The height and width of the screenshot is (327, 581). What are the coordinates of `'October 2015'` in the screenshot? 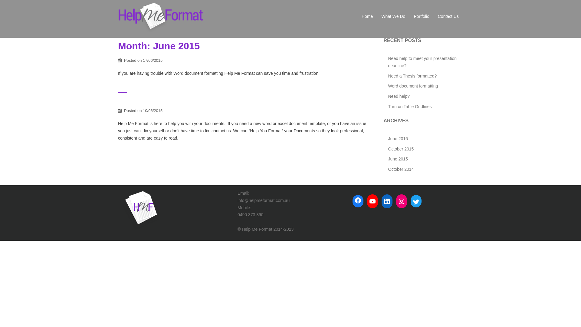 It's located at (388, 149).